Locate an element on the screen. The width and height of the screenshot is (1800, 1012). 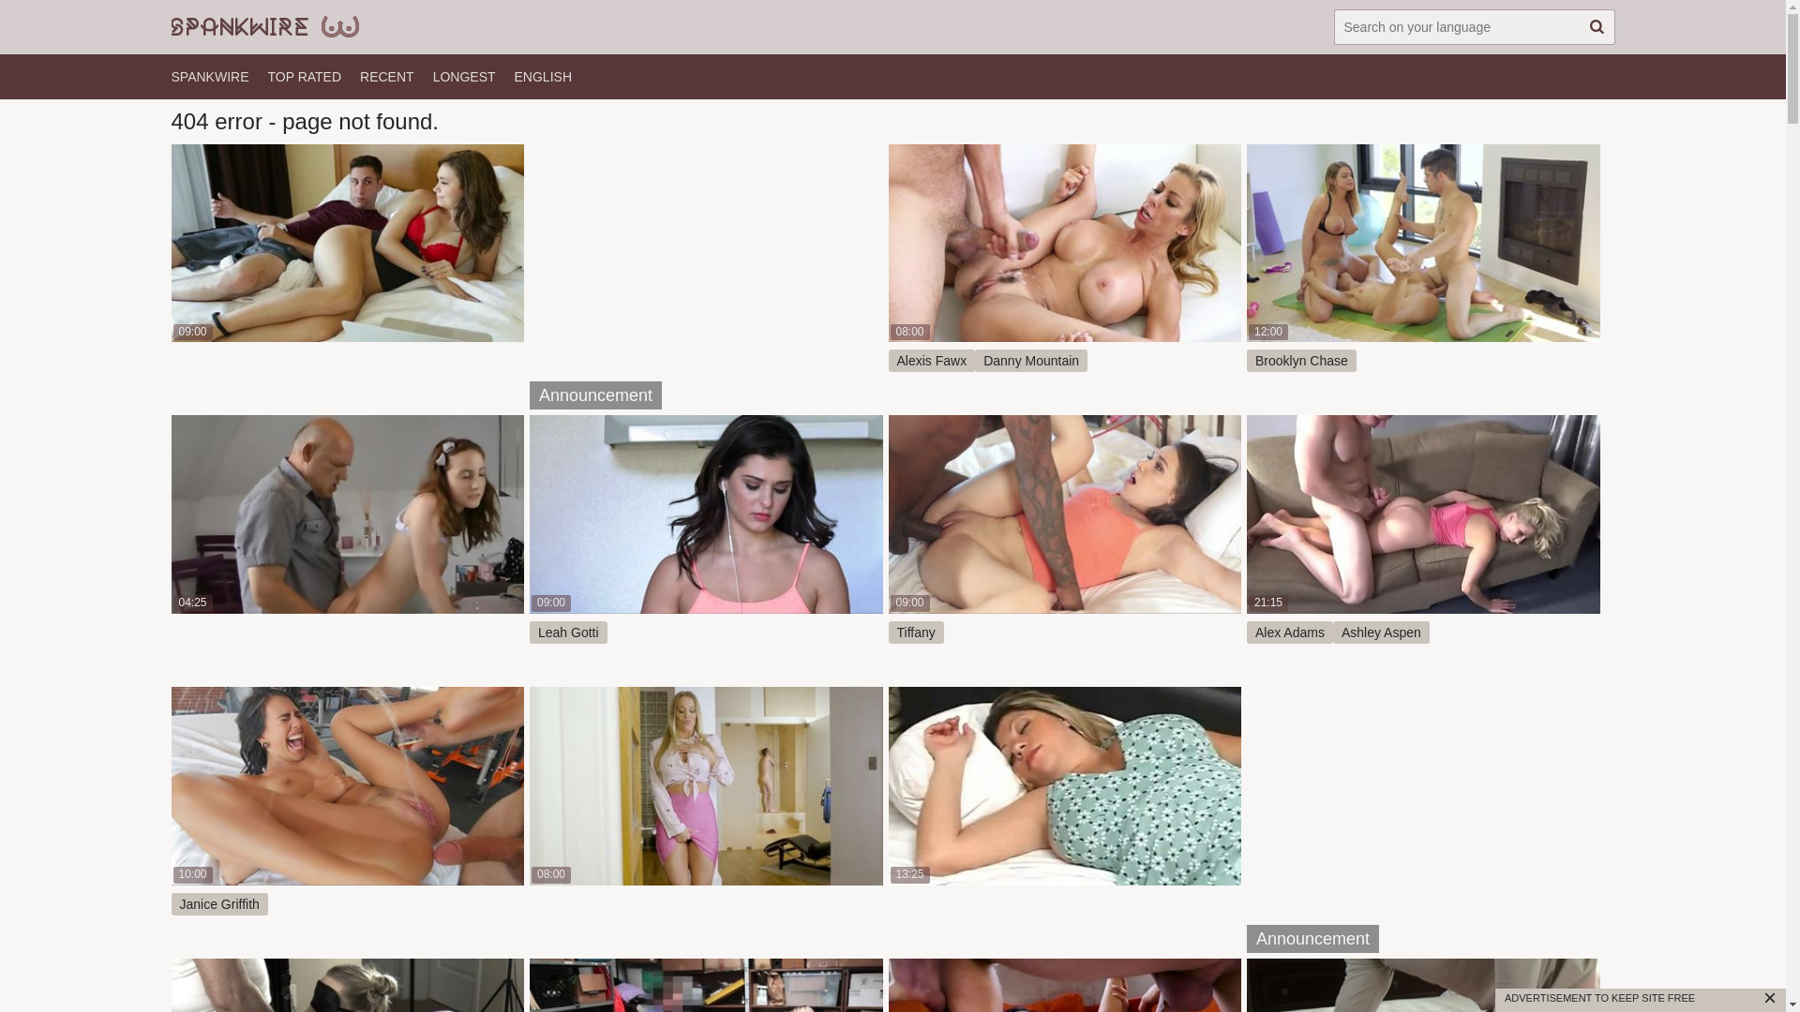
'Leah Gotti' is located at coordinates (567, 632).